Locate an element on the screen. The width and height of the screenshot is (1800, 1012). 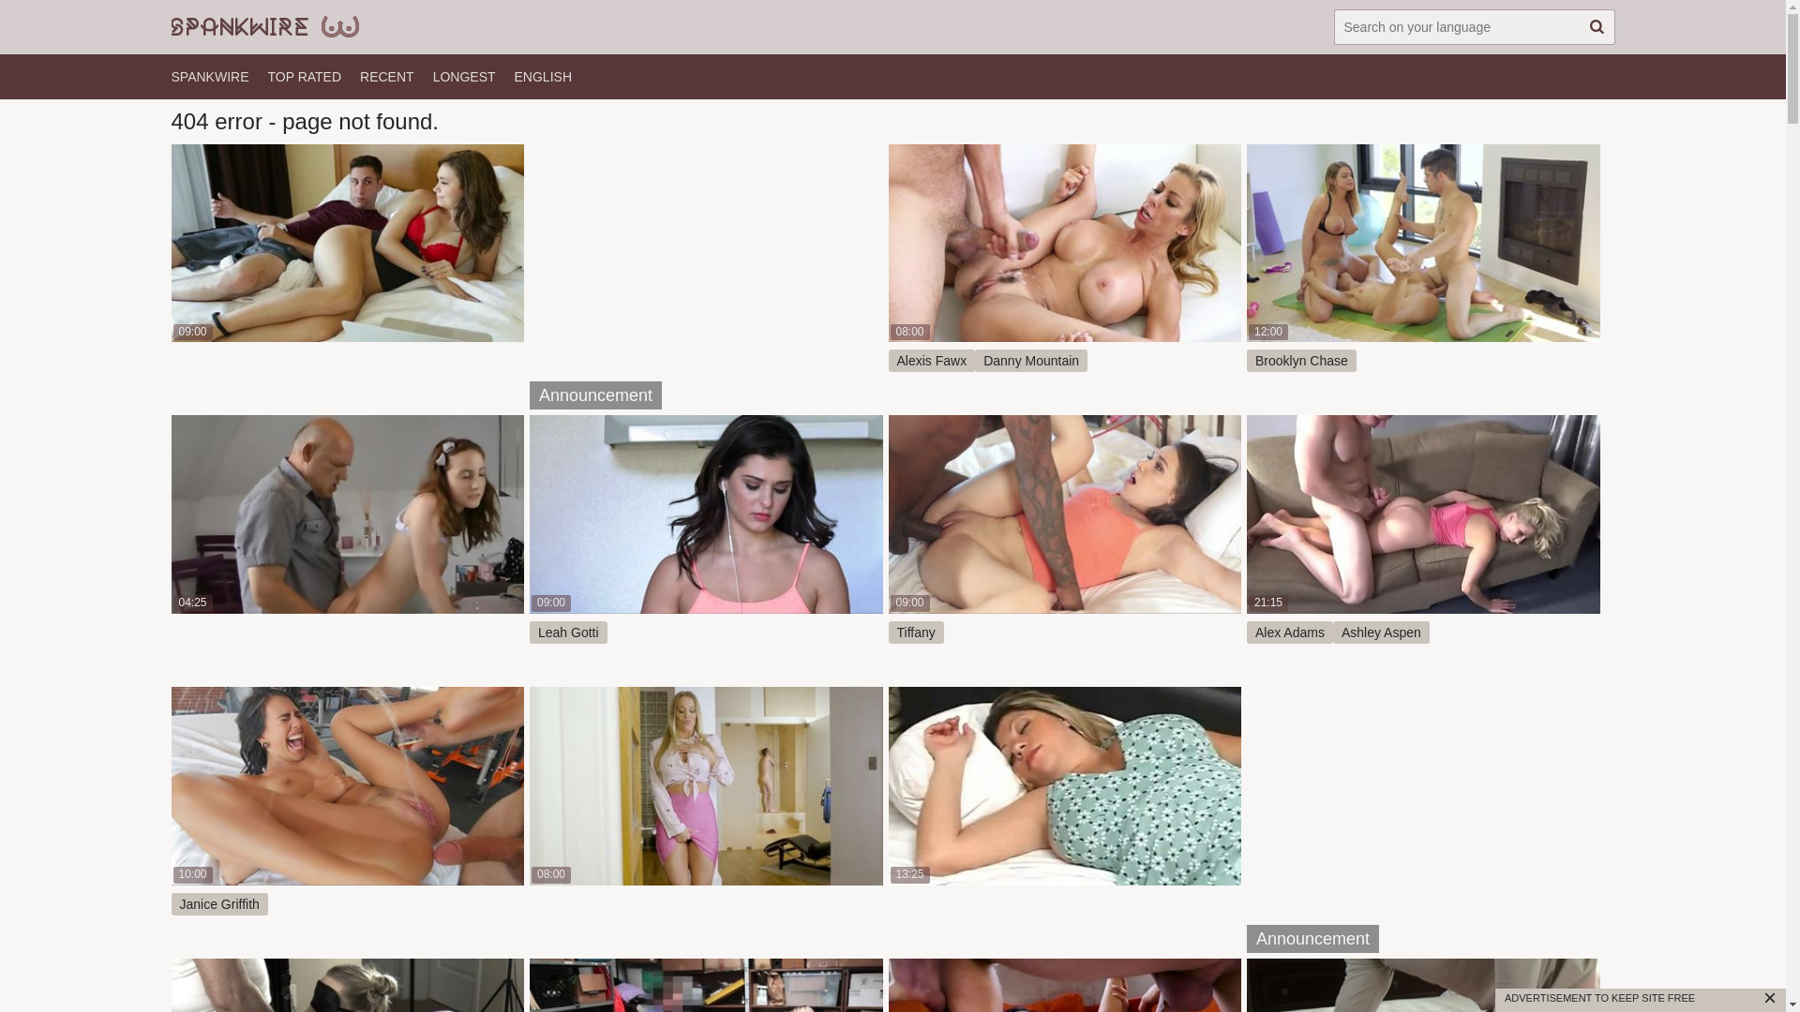
'Leah Gotti' is located at coordinates (567, 632).